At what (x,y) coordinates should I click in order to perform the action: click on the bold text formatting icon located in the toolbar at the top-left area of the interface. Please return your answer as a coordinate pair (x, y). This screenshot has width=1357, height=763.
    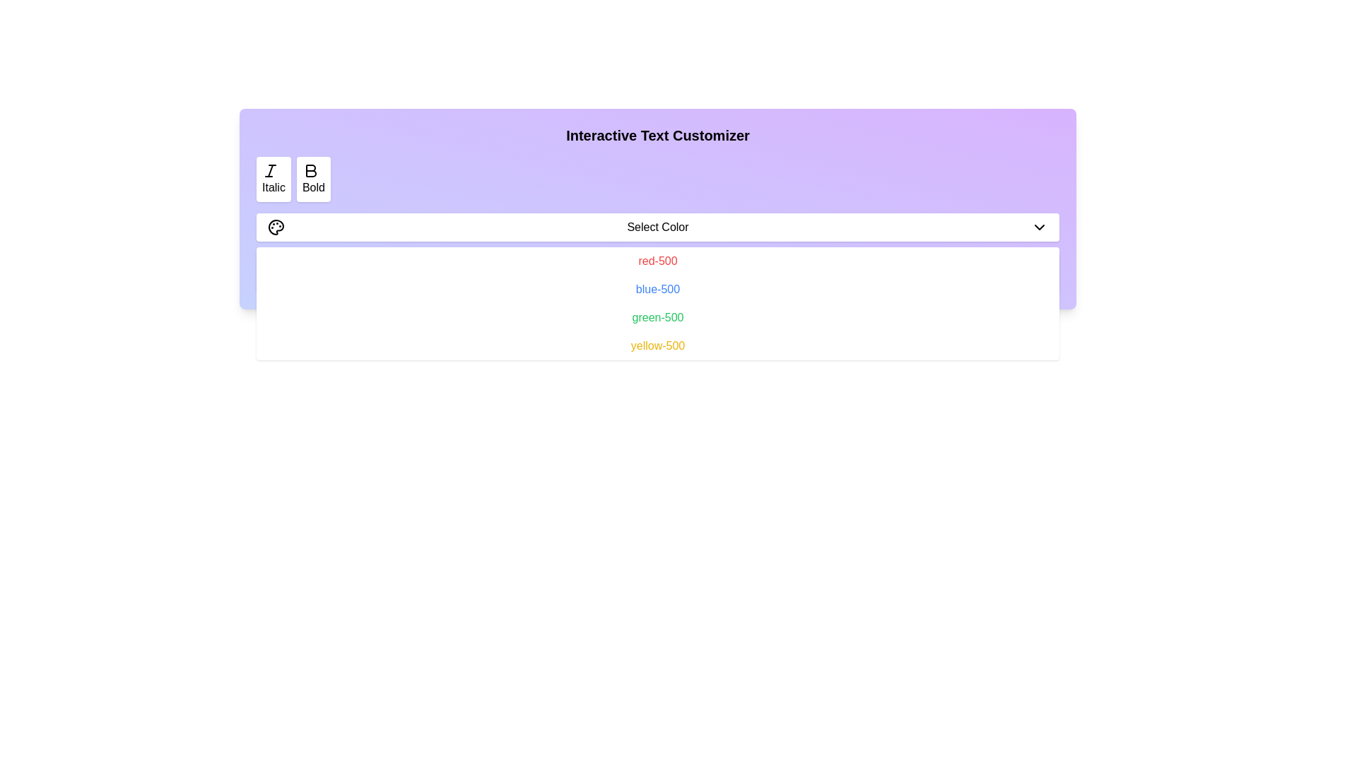
    Looking at the image, I should click on (310, 170).